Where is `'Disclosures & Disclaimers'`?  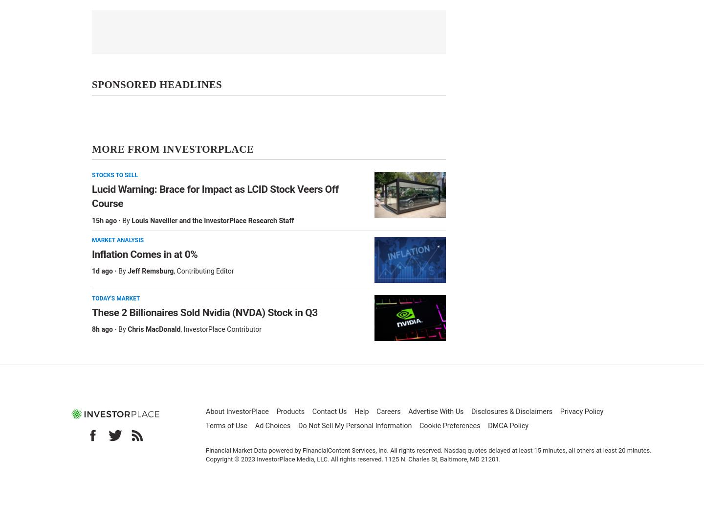
'Disclosures & Disclaimers' is located at coordinates (512, 411).